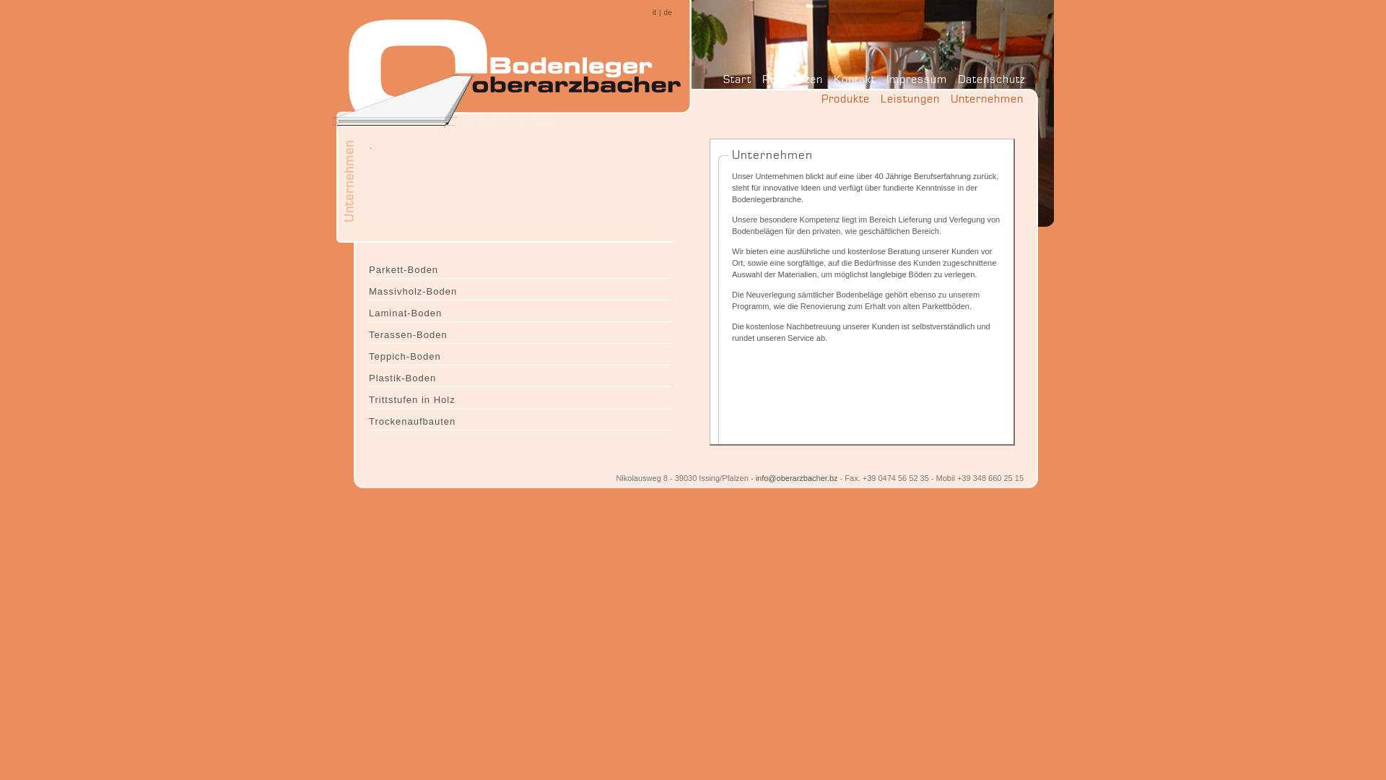 The height and width of the screenshot is (780, 1386). I want to click on 'Terassen-Boden', so click(368, 333).